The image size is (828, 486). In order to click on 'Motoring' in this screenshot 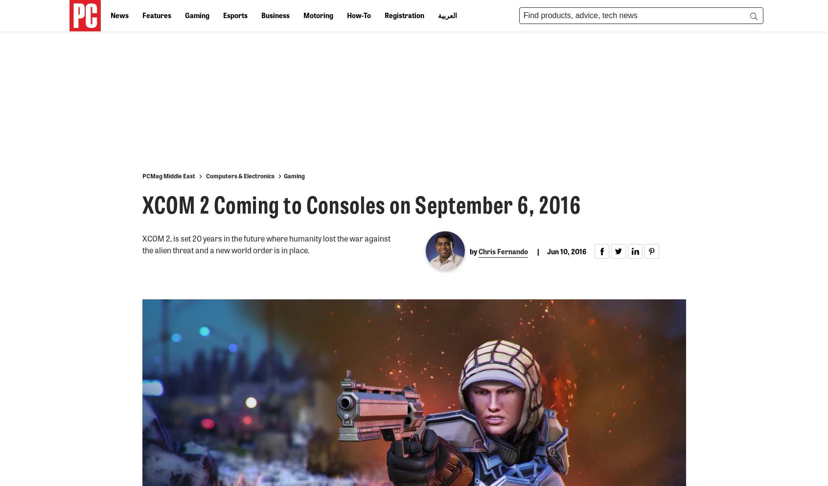, I will do `click(318, 14)`.